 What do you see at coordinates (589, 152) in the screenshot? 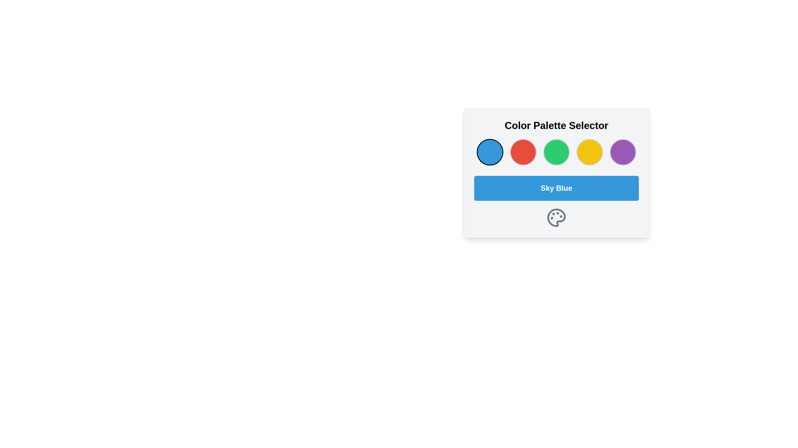
I see `the fourth circular button with a bright yellow background and gray border in the 'Color Palette Selector' interface` at bounding box center [589, 152].